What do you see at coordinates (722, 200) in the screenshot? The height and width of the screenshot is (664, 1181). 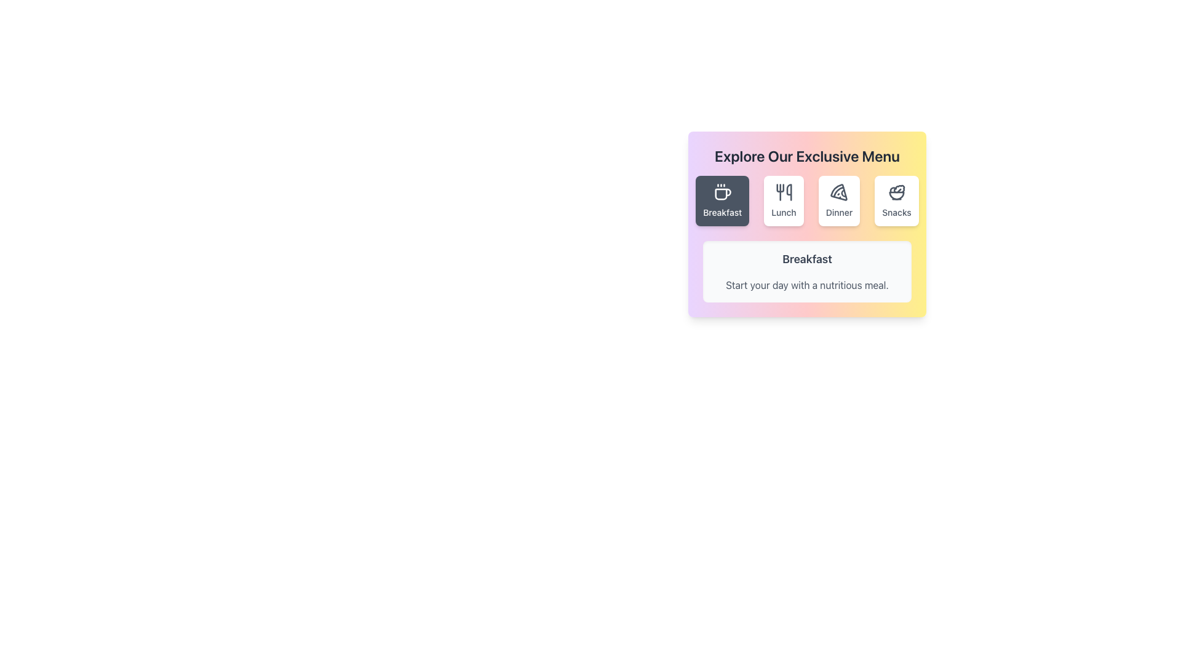 I see `the first button in a group of four horizontally aligned buttons, which has a dark background and white text reading 'Breakfast', featuring a small white coffee cup icon above the text` at bounding box center [722, 200].